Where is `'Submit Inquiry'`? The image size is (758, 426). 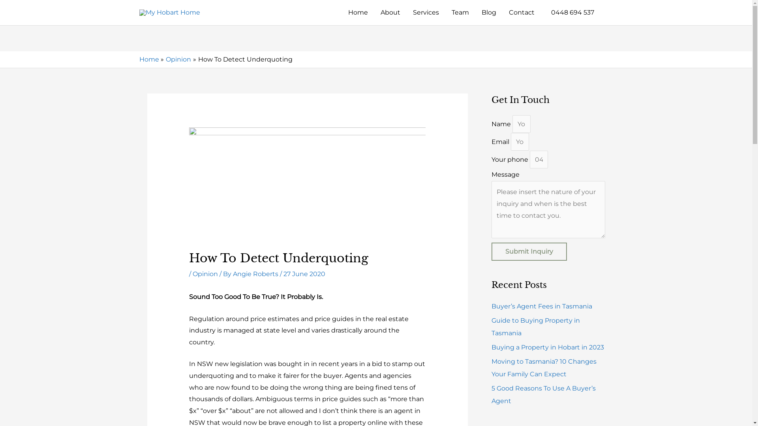 'Submit Inquiry' is located at coordinates (529, 251).